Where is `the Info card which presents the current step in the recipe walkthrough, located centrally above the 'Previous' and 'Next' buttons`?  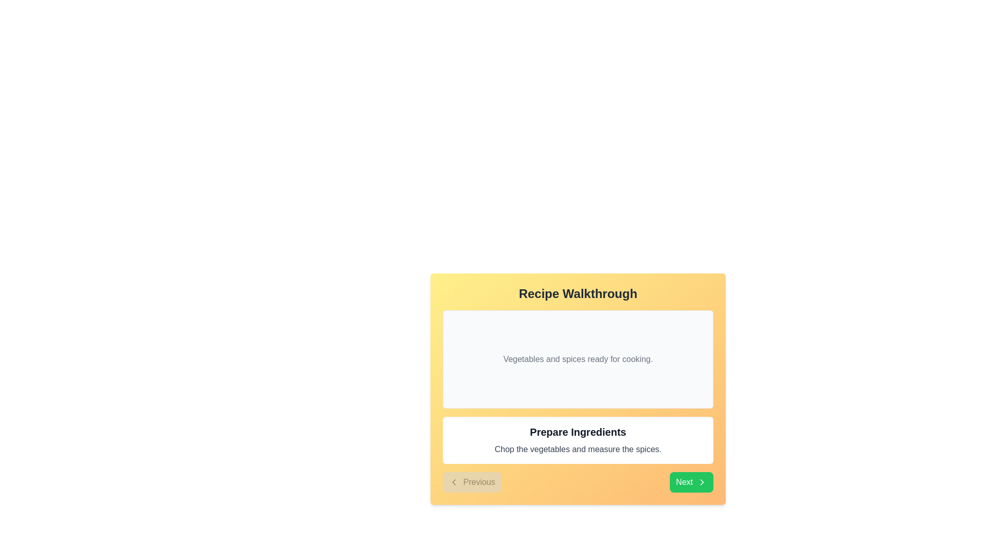
the Info card which presents the current step in the recipe walkthrough, located centrally above the 'Previous' and 'Next' buttons is located at coordinates (578, 389).